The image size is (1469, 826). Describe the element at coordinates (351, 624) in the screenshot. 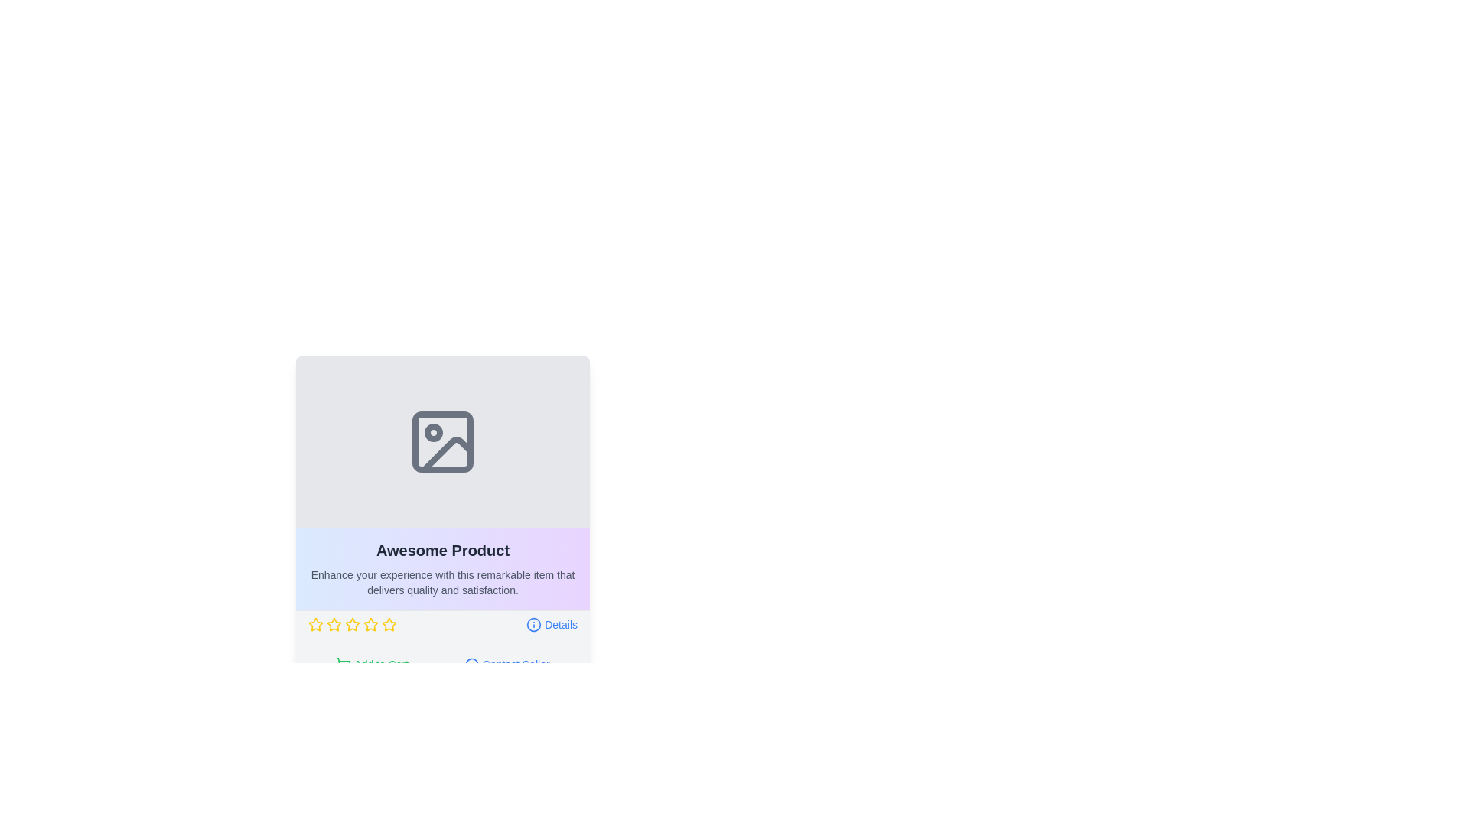

I see `the second star in the five-star rating system located below the 'Awesome Product' title and description` at that location.